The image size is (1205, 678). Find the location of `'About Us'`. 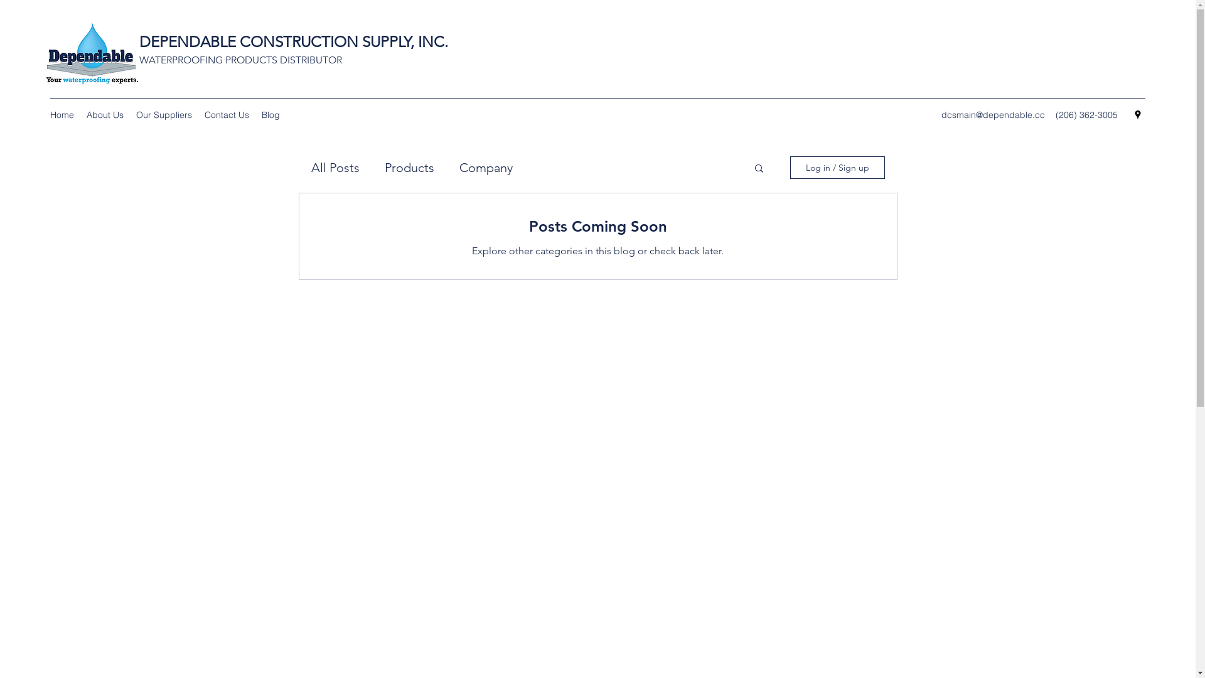

'About Us' is located at coordinates (105, 114).